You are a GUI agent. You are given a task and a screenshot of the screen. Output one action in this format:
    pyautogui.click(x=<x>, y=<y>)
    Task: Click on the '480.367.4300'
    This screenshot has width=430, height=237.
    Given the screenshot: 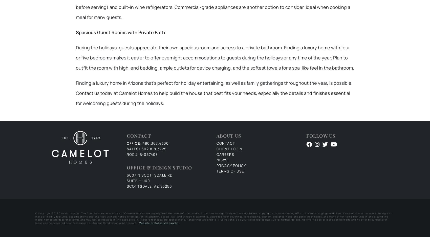 What is the action you would take?
    pyautogui.click(x=142, y=143)
    